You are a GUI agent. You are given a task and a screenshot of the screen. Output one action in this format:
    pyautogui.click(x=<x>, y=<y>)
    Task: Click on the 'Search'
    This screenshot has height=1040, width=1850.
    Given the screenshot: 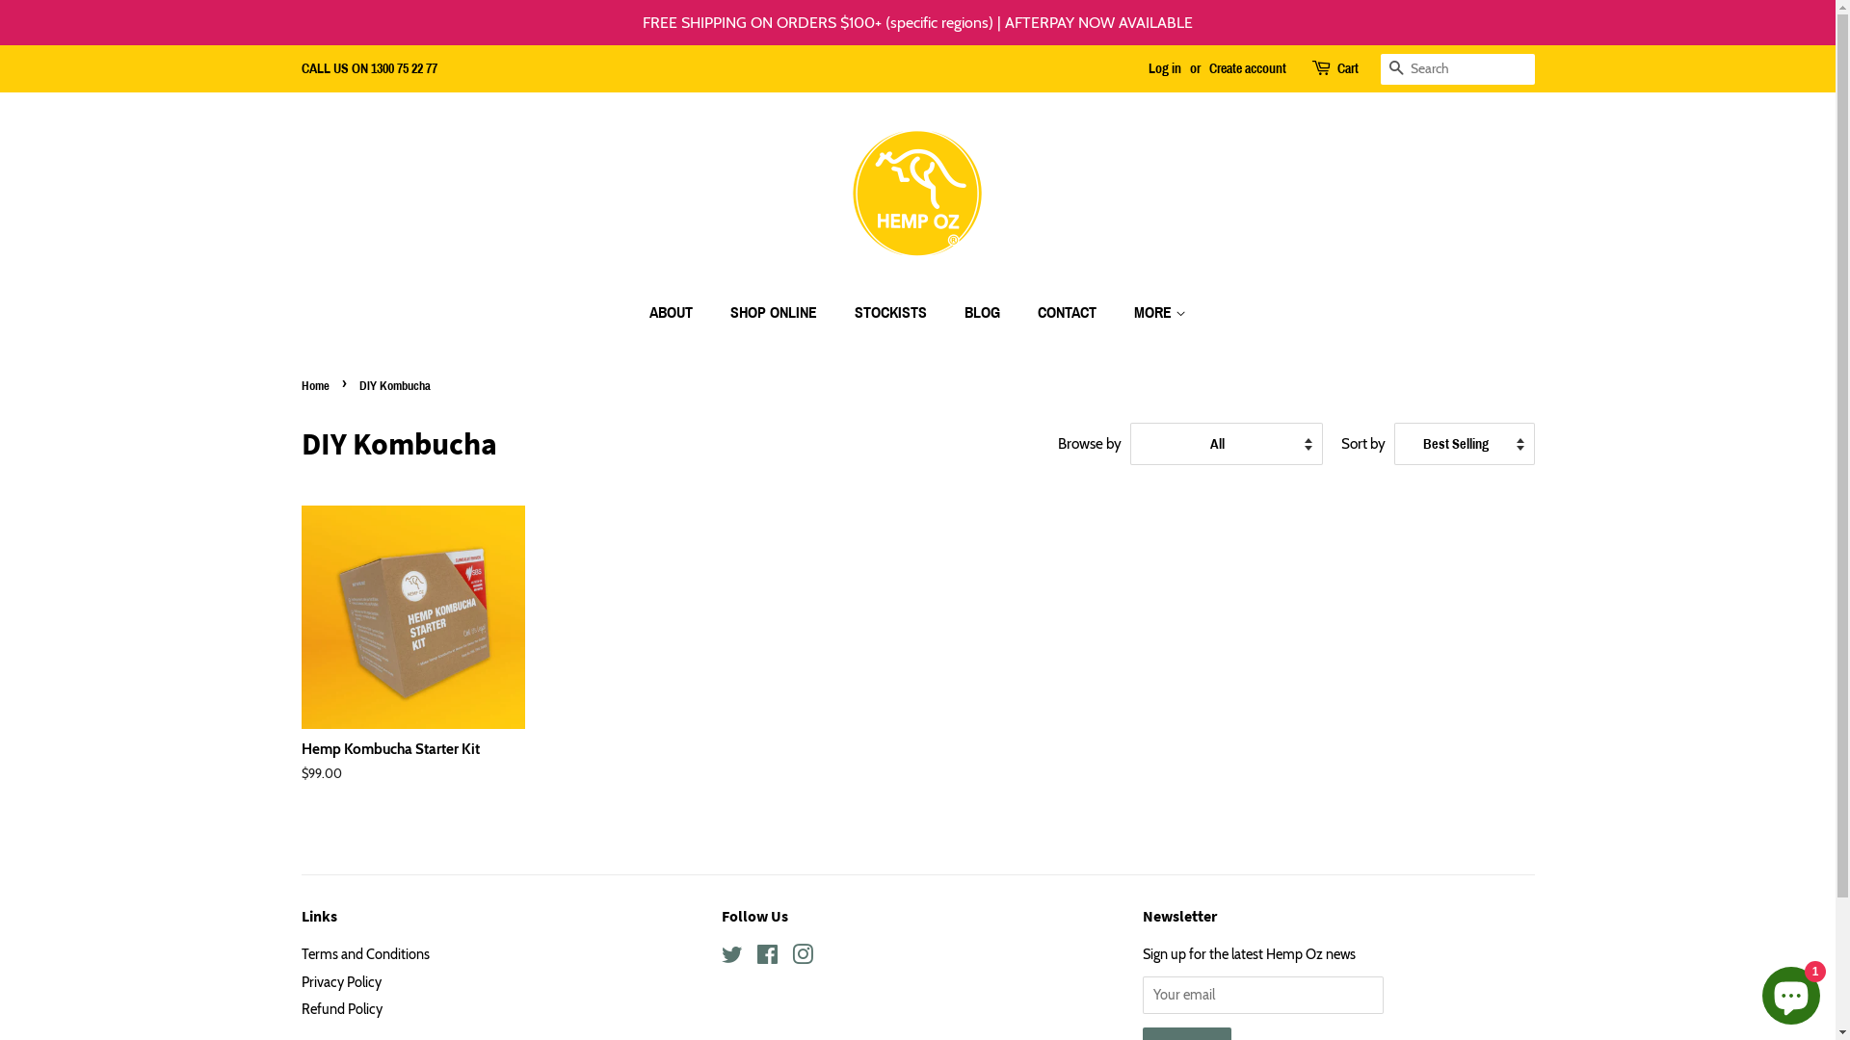 What is the action you would take?
    pyautogui.click(x=1395, y=68)
    